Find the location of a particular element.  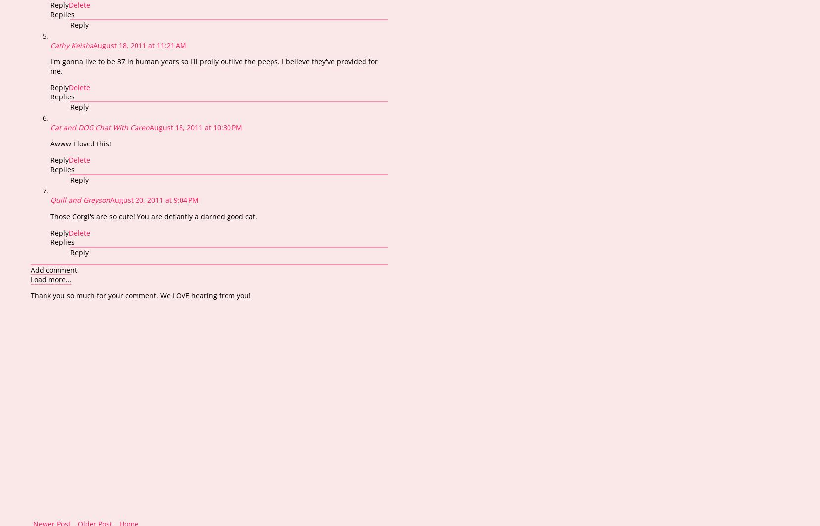

'Cat and DOG Chat With Caren' is located at coordinates (100, 127).